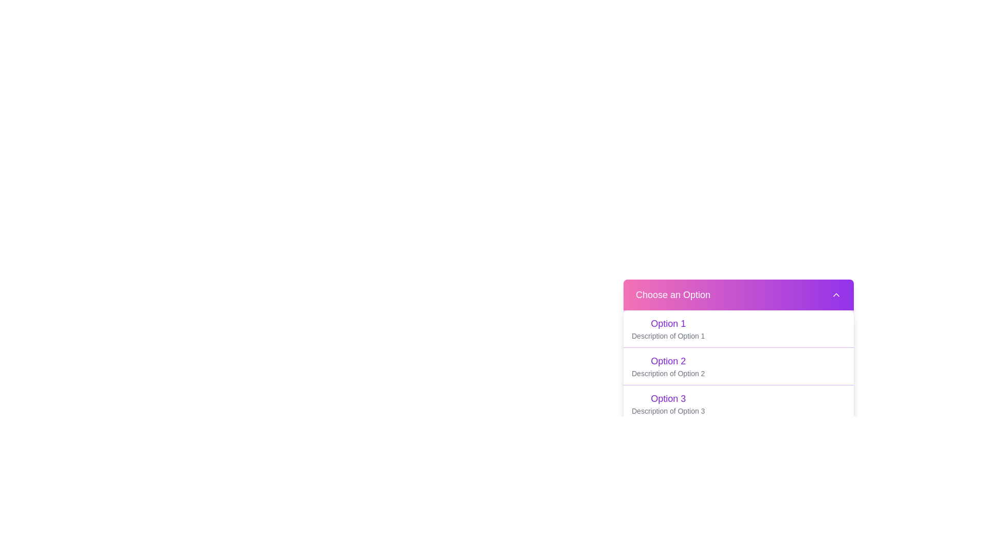 The image size is (987, 555). Describe the element at coordinates (738, 366) in the screenshot. I see `the second option in the dropdown selection menu` at that location.